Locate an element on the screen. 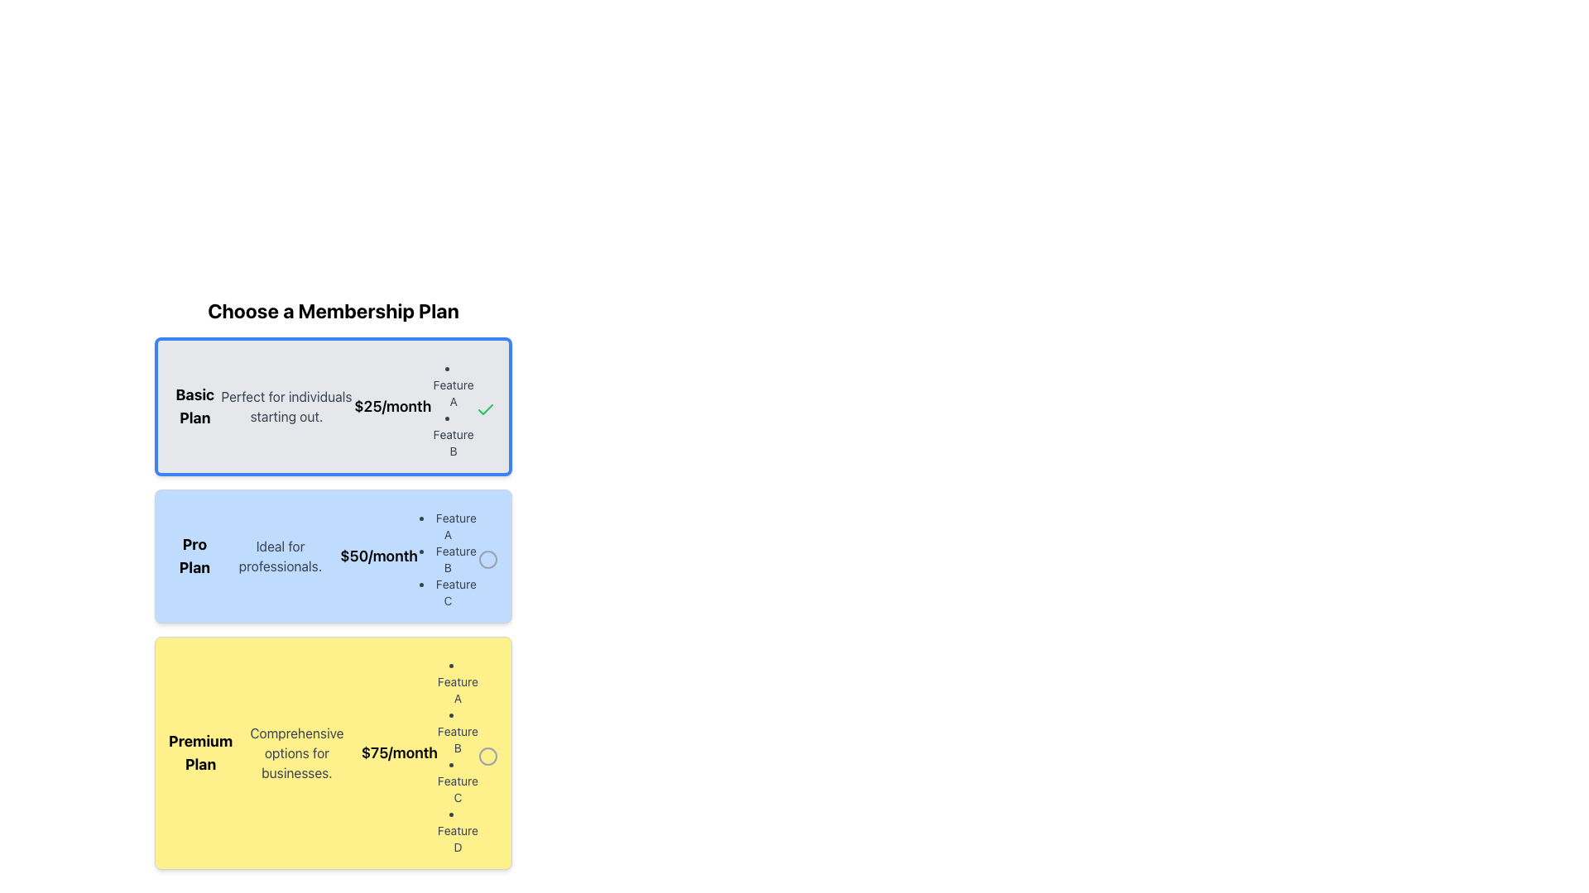 This screenshot has width=1589, height=893. the 'Premium Plan' Information Card, which is the third card in a vertical list of pricing plans, positioned below the 'Pro Plan' is located at coordinates (333, 752).